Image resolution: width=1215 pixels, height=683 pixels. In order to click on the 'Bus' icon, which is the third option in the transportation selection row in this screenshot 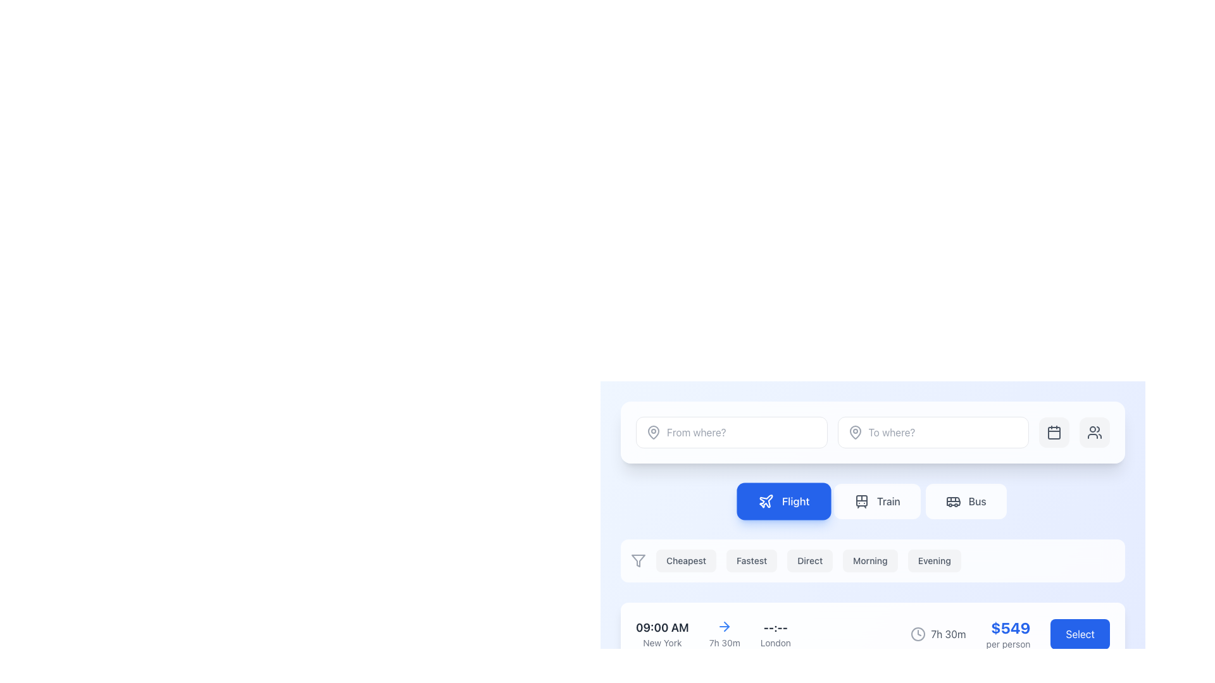, I will do `click(953, 501)`.